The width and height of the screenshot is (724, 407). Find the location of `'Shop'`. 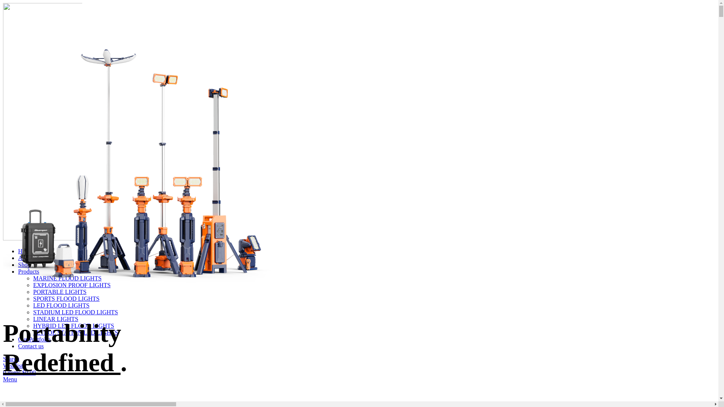

'Shop' is located at coordinates (24, 264).